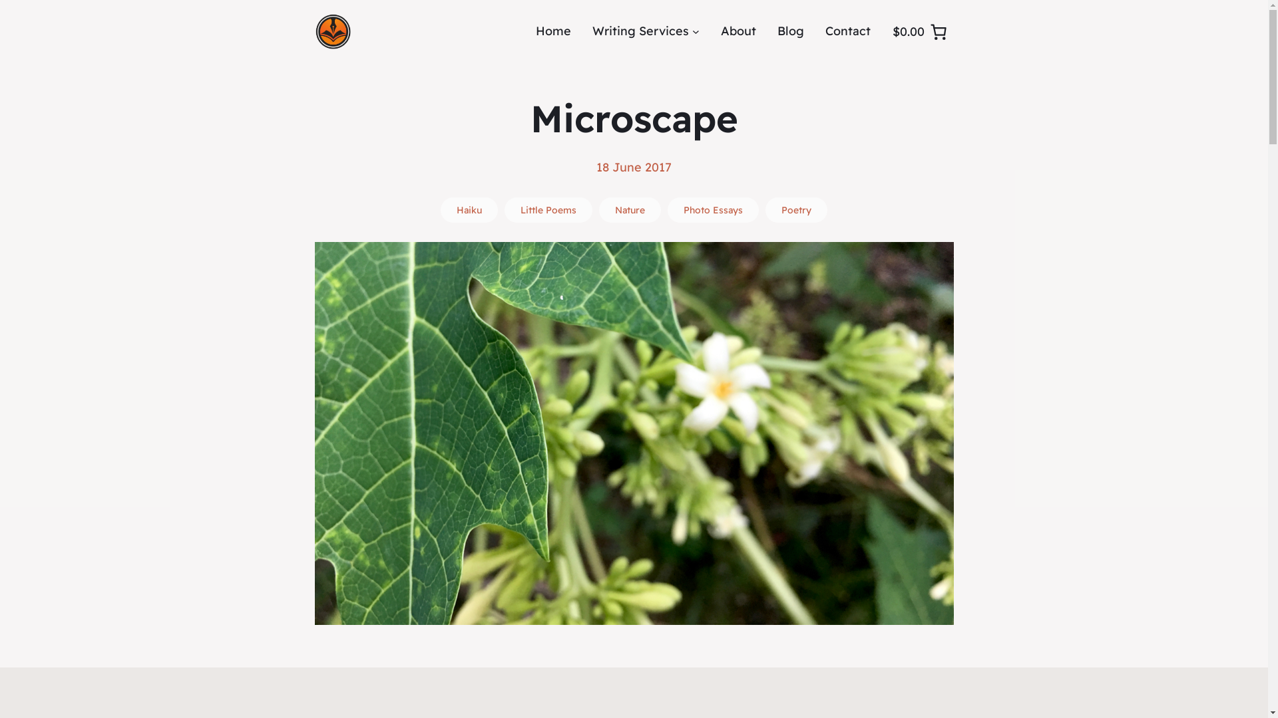 Image resolution: width=1278 pixels, height=718 pixels. Describe the element at coordinates (886, 30) in the screenshot. I see `'$0.00'` at that location.